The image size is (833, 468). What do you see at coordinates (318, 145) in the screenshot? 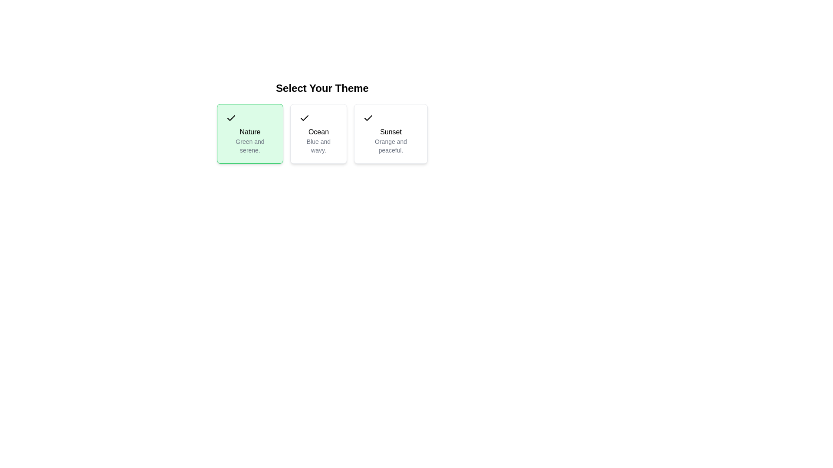
I see `the text label that reads 'Blue and wavy.' which is styled in gray and located below the larger text 'Ocean' in the 'Ocean' section` at bounding box center [318, 145].